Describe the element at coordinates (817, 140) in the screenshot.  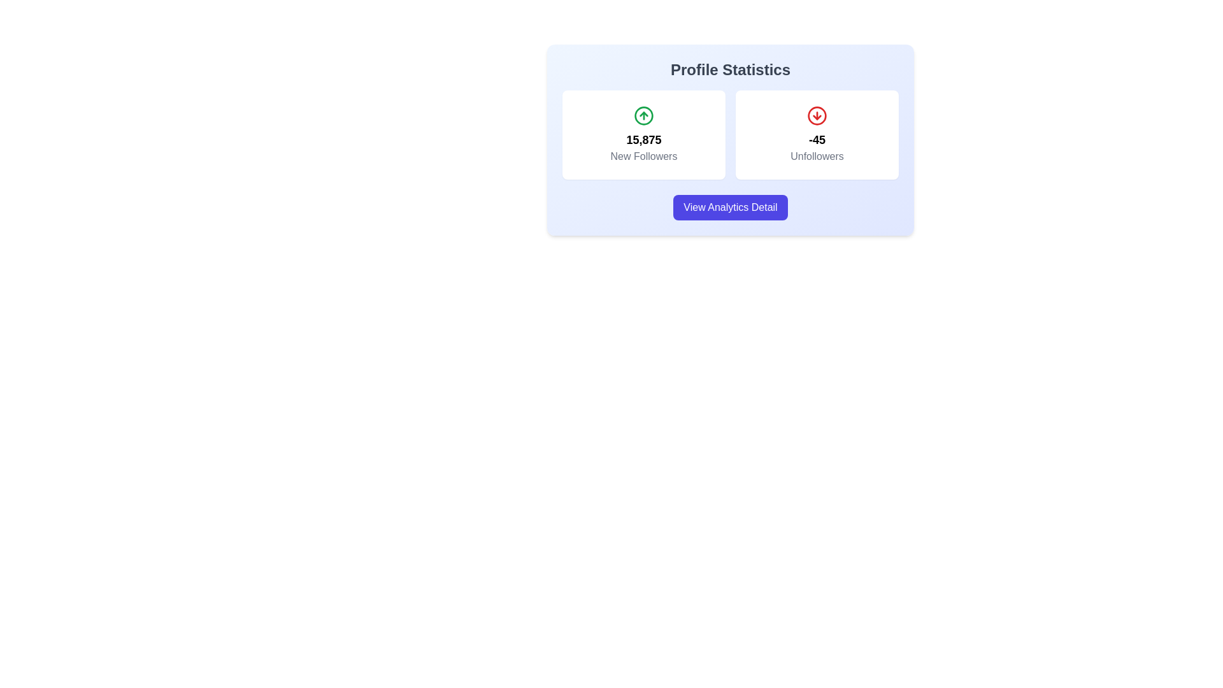
I see `the 'Unfollowers' text label that displays a numerical count, located centrally within the right-hand box below a downward arrow icon` at that location.